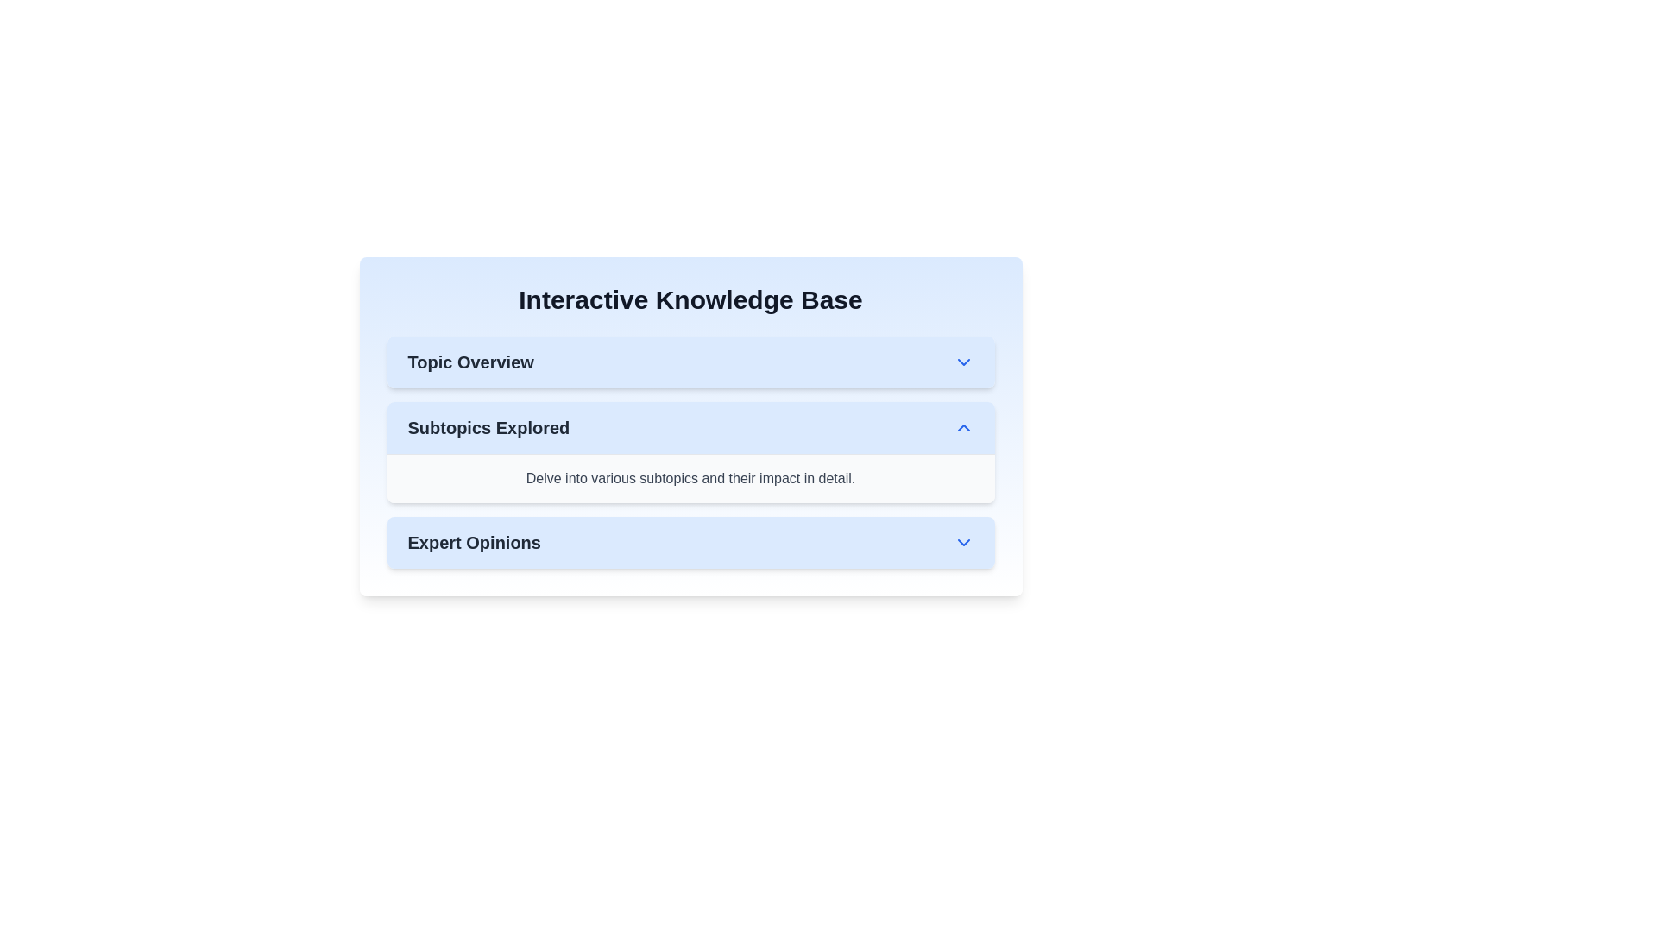 Image resolution: width=1657 pixels, height=932 pixels. I want to click on the downward-pointing blue chevron icon to the right of the text 'Subtopics Explored', so click(962, 427).